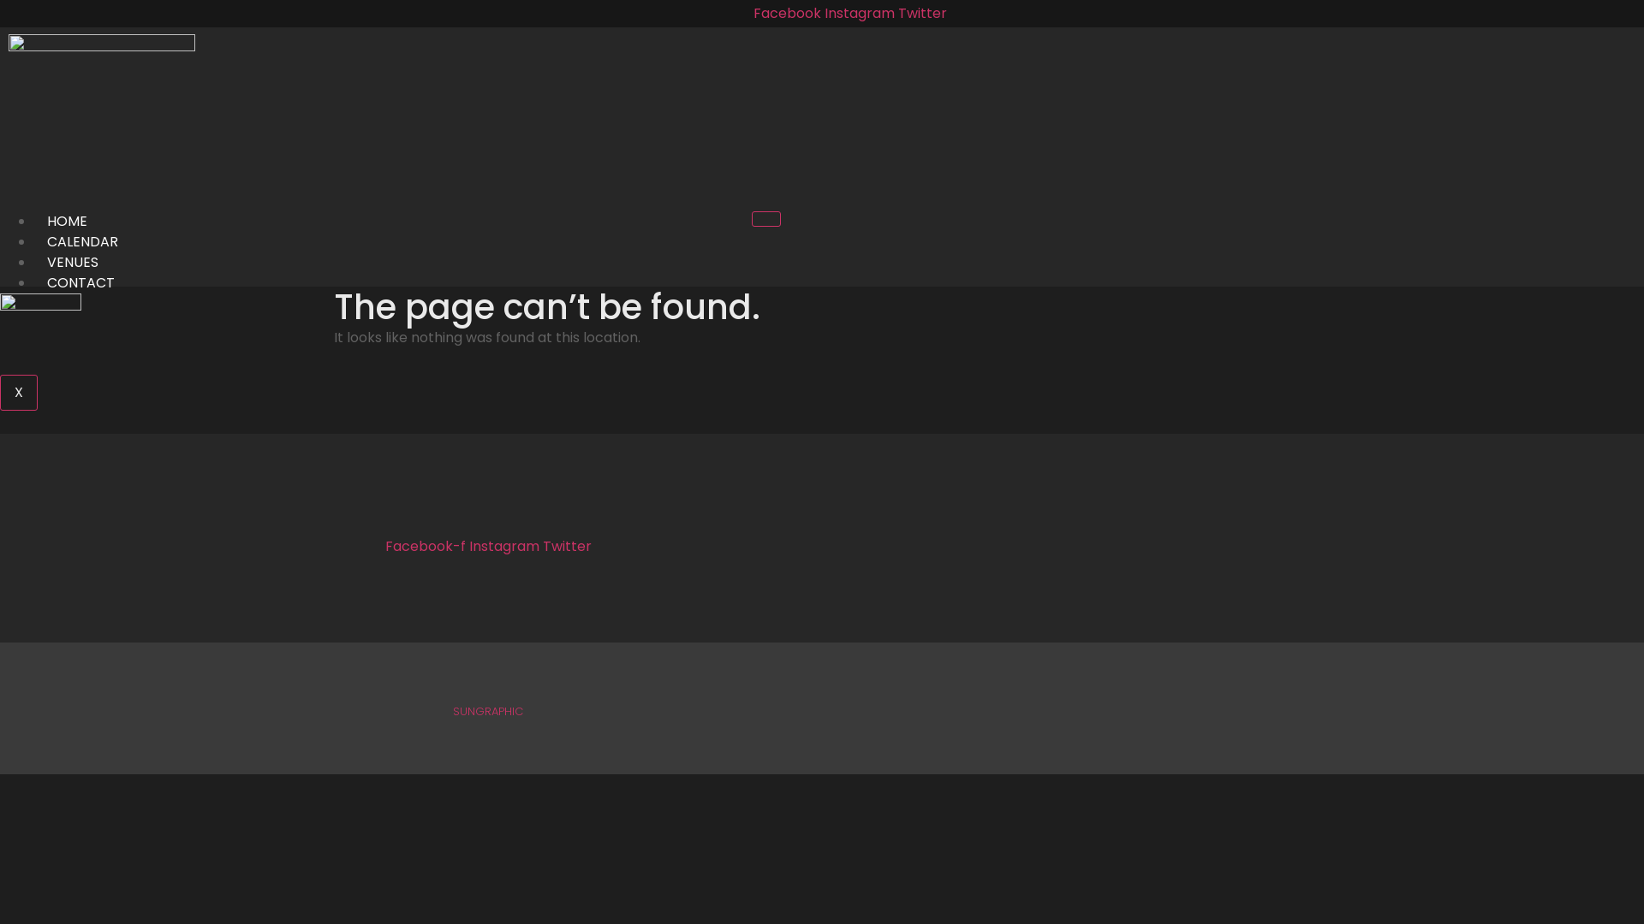  I want to click on 'X', so click(19, 393).